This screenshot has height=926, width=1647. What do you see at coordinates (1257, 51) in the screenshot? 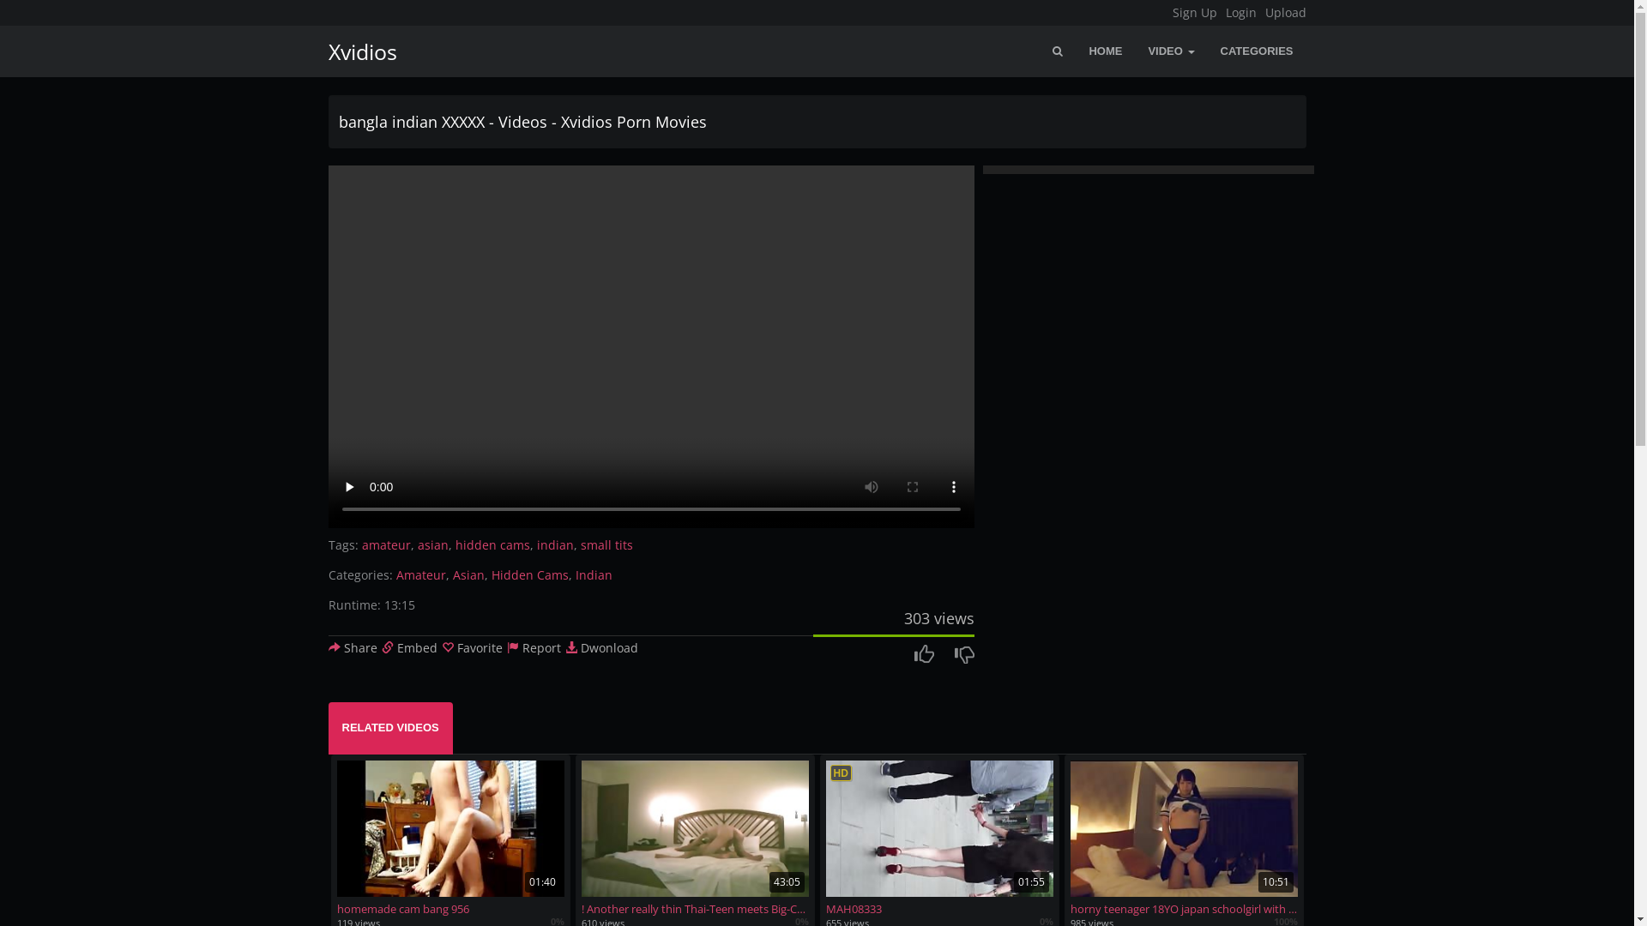
I see `'CATEGORIES'` at bounding box center [1257, 51].